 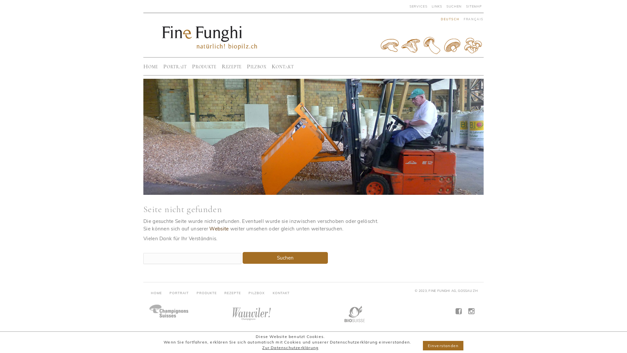 What do you see at coordinates (285, 258) in the screenshot?
I see `'Suchen'` at bounding box center [285, 258].